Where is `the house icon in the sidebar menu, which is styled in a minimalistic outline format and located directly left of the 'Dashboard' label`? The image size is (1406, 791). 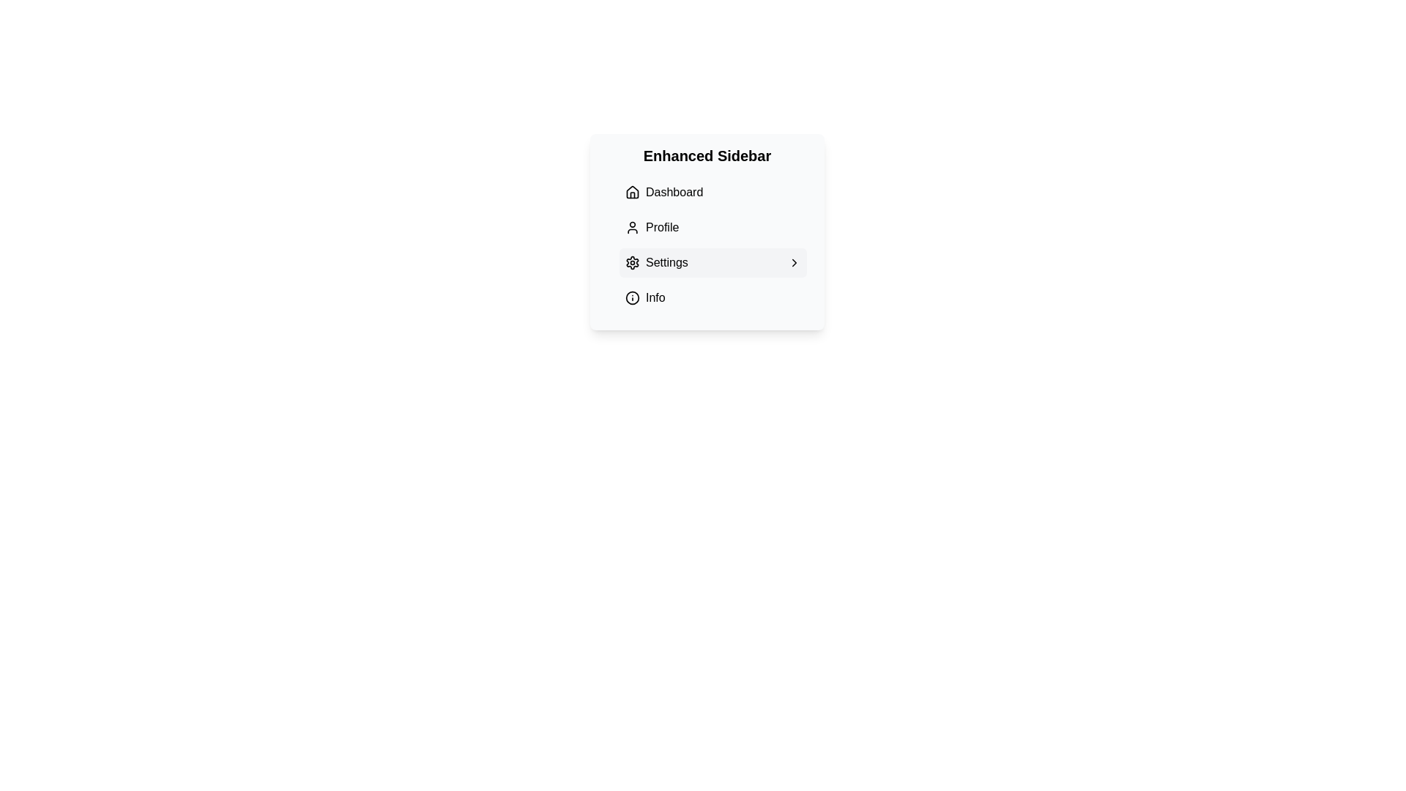 the house icon in the sidebar menu, which is styled in a minimalistic outline format and located directly left of the 'Dashboard' label is located at coordinates (633, 191).